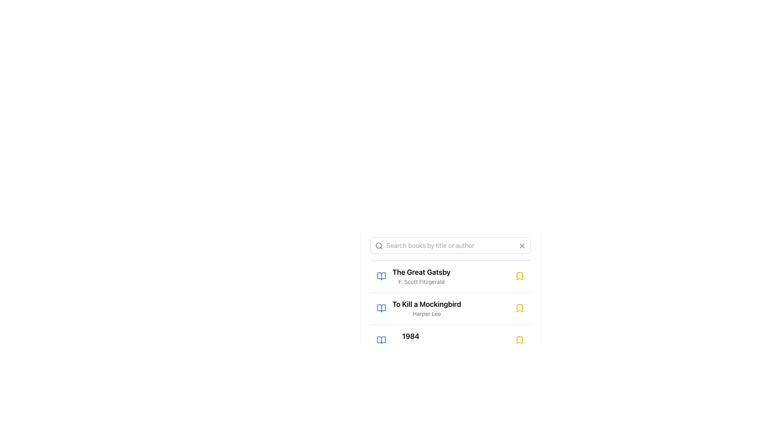 The width and height of the screenshot is (759, 427). What do you see at coordinates (520, 308) in the screenshot?
I see `the bookmark icon located at the far-right side of the list entry for the book 'To Kill a Mockingbird'` at bounding box center [520, 308].